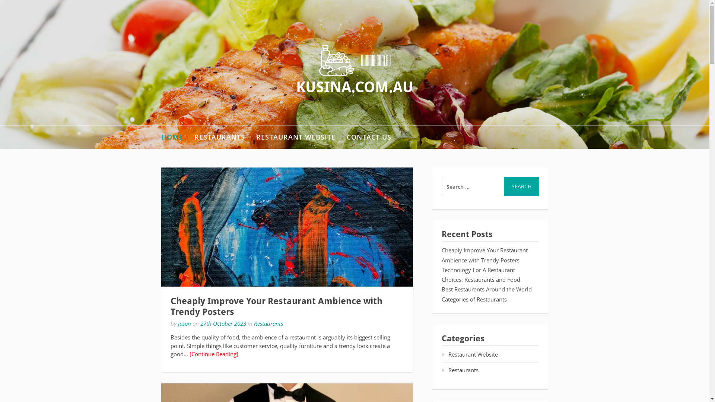 Image resolution: width=715 pixels, height=402 pixels. Describe the element at coordinates (469, 354) in the screenshot. I see `'Restaurant Website'` at that location.